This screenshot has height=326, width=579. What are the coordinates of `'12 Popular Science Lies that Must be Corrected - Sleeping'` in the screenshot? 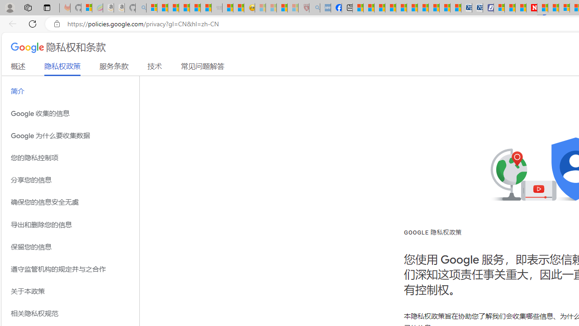 It's located at (293, 8).